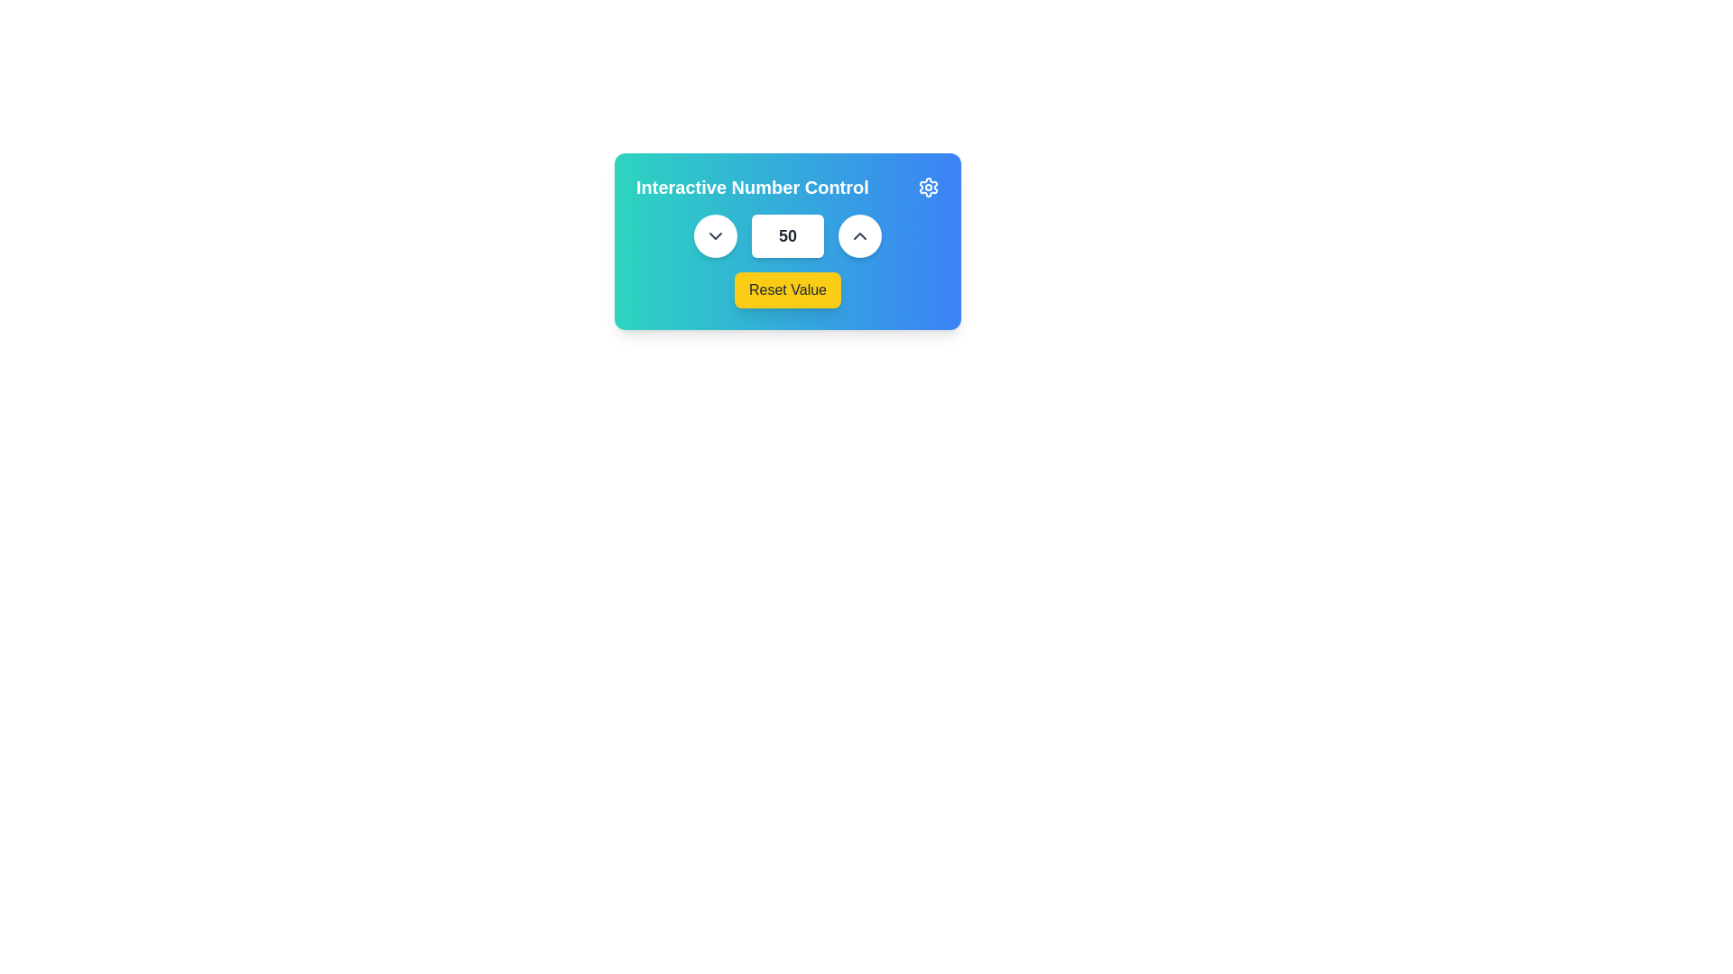 This screenshot has width=1733, height=974. What do you see at coordinates (859, 235) in the screenshot?
I see `the increment button located to the right of the text field displaying '50' to increase the numerical value` at bounding box center [859, 235].